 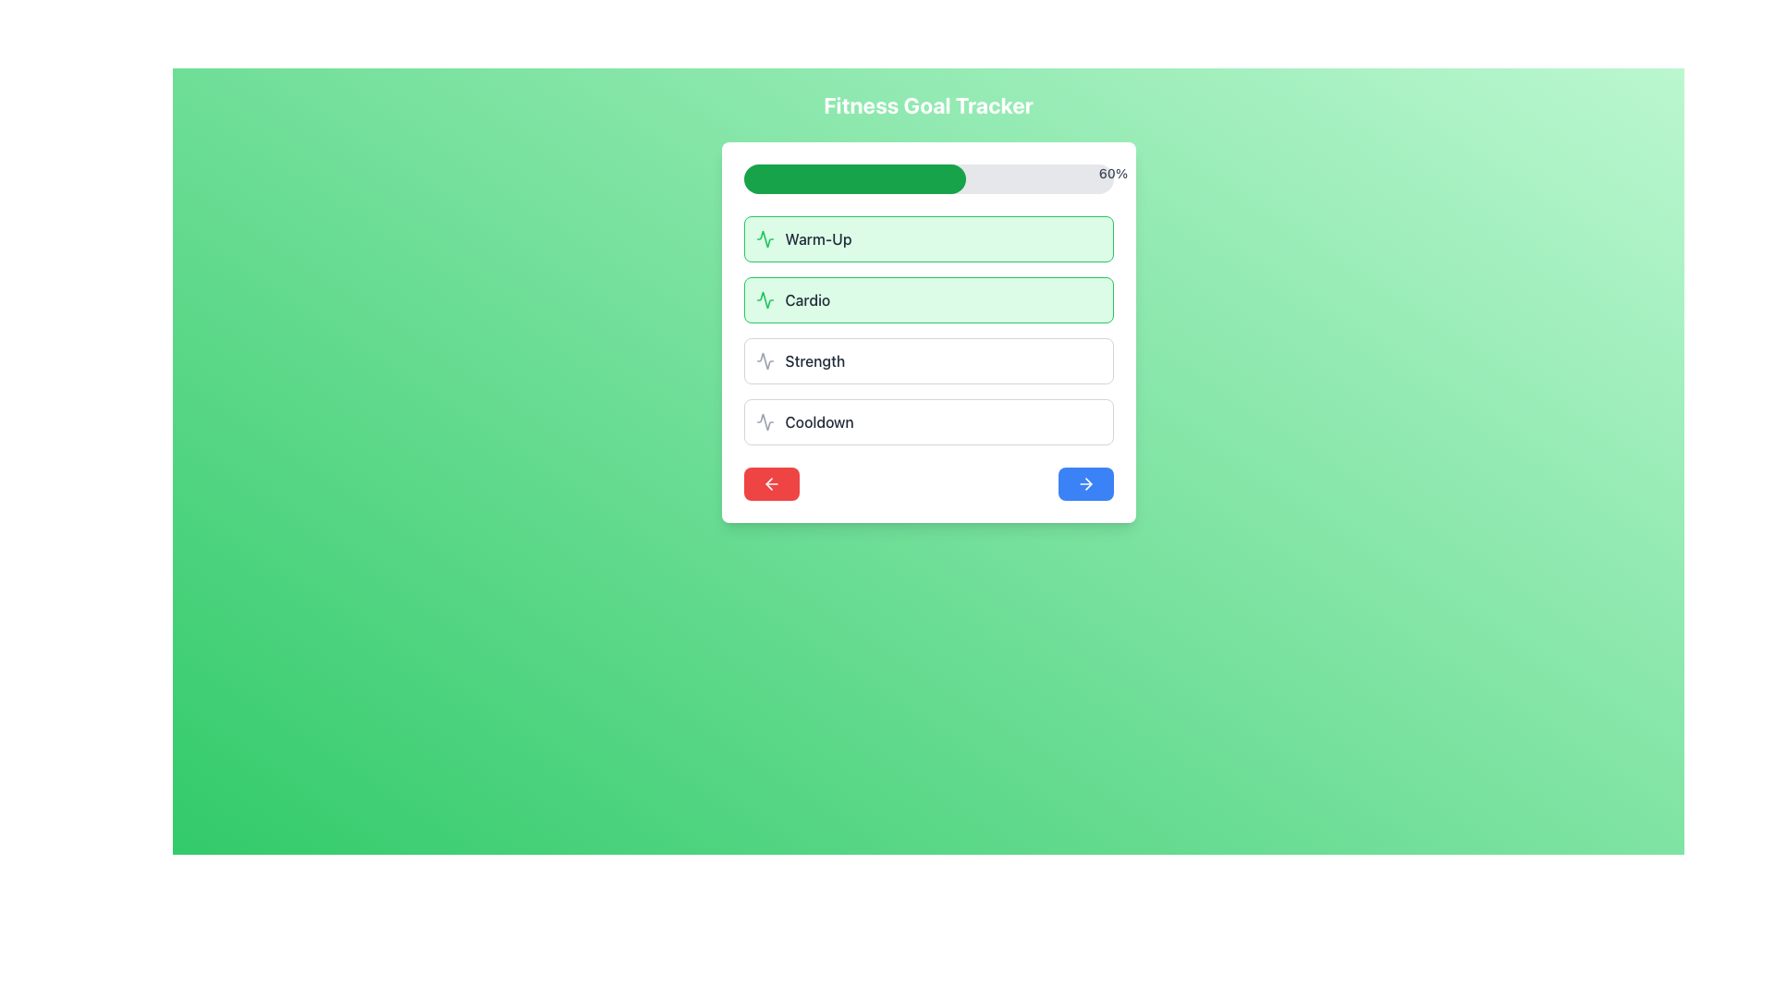 What do you see at coordinates (765, 360) in the screenshot?
I see `the 'Strength' icon located within the 'Strength' card, positioned to the left of the text label 'Strength'` at bounding box center [765, 360].